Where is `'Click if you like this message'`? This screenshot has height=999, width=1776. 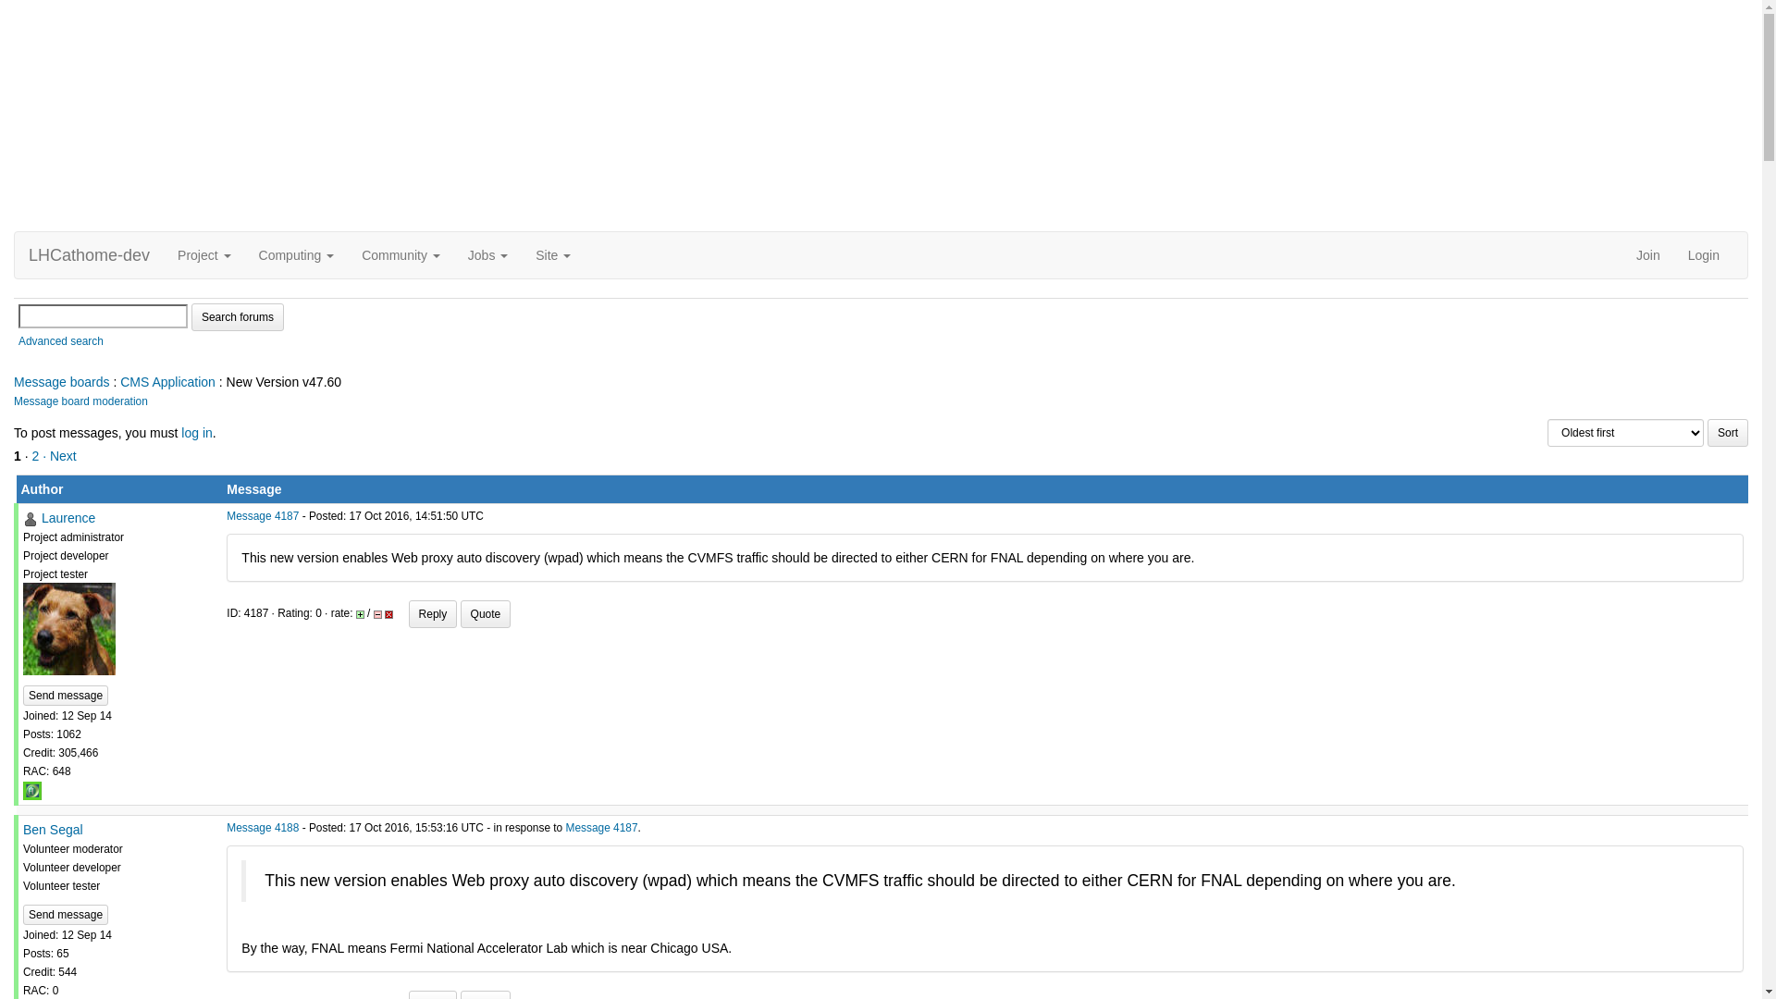
'Click if you like this message' is located at coordinates (360, 614).